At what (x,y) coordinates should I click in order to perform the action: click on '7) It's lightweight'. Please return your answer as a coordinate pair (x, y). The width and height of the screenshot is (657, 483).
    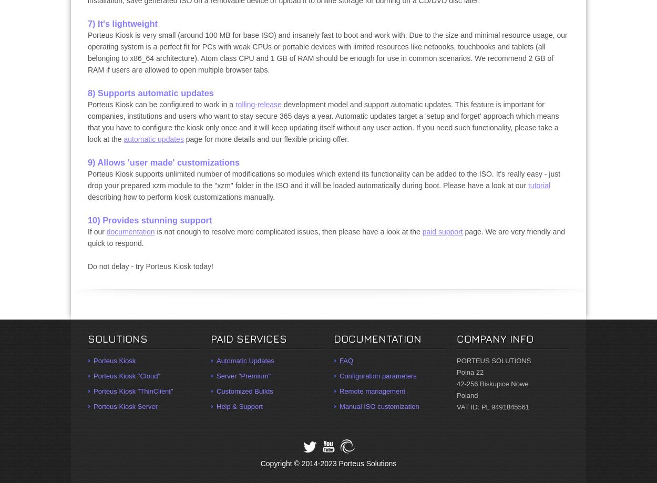
    Looking at the image, I should click on (122, 24).